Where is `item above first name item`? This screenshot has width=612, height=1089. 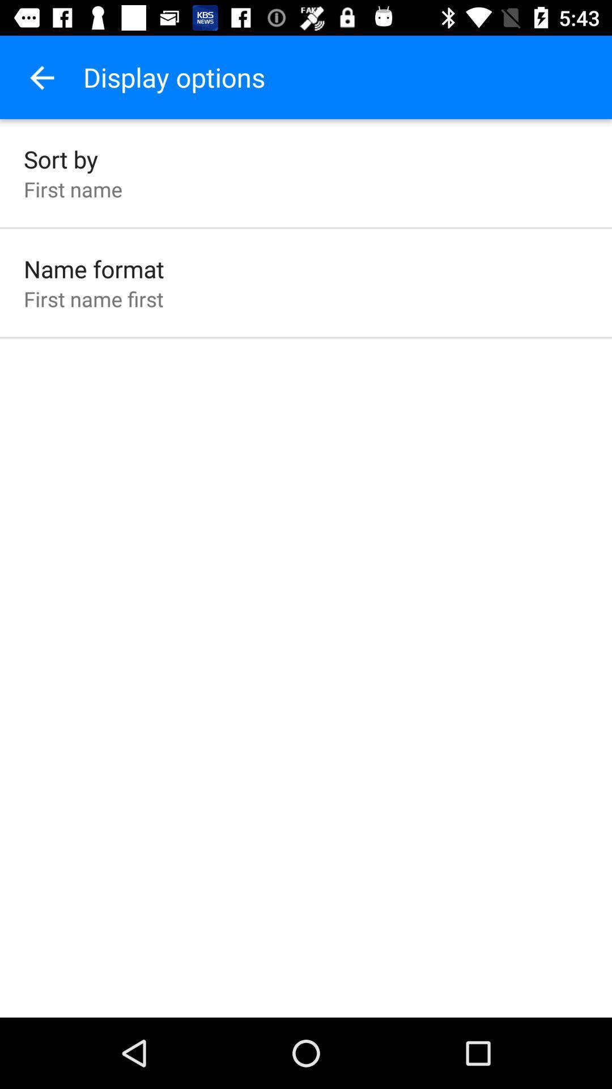
item above first name item is located at coordinates (61, 158).